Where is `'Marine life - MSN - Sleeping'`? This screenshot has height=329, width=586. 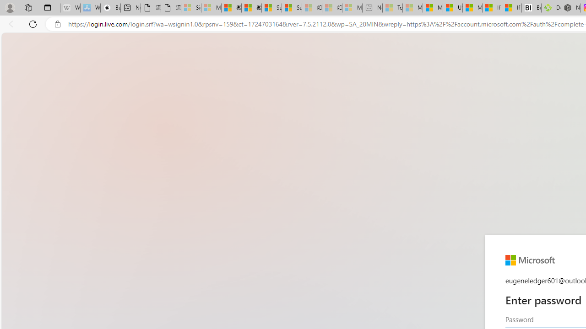 'Marine life - MSN - Sleeping' is located at coordinates (412, 8).